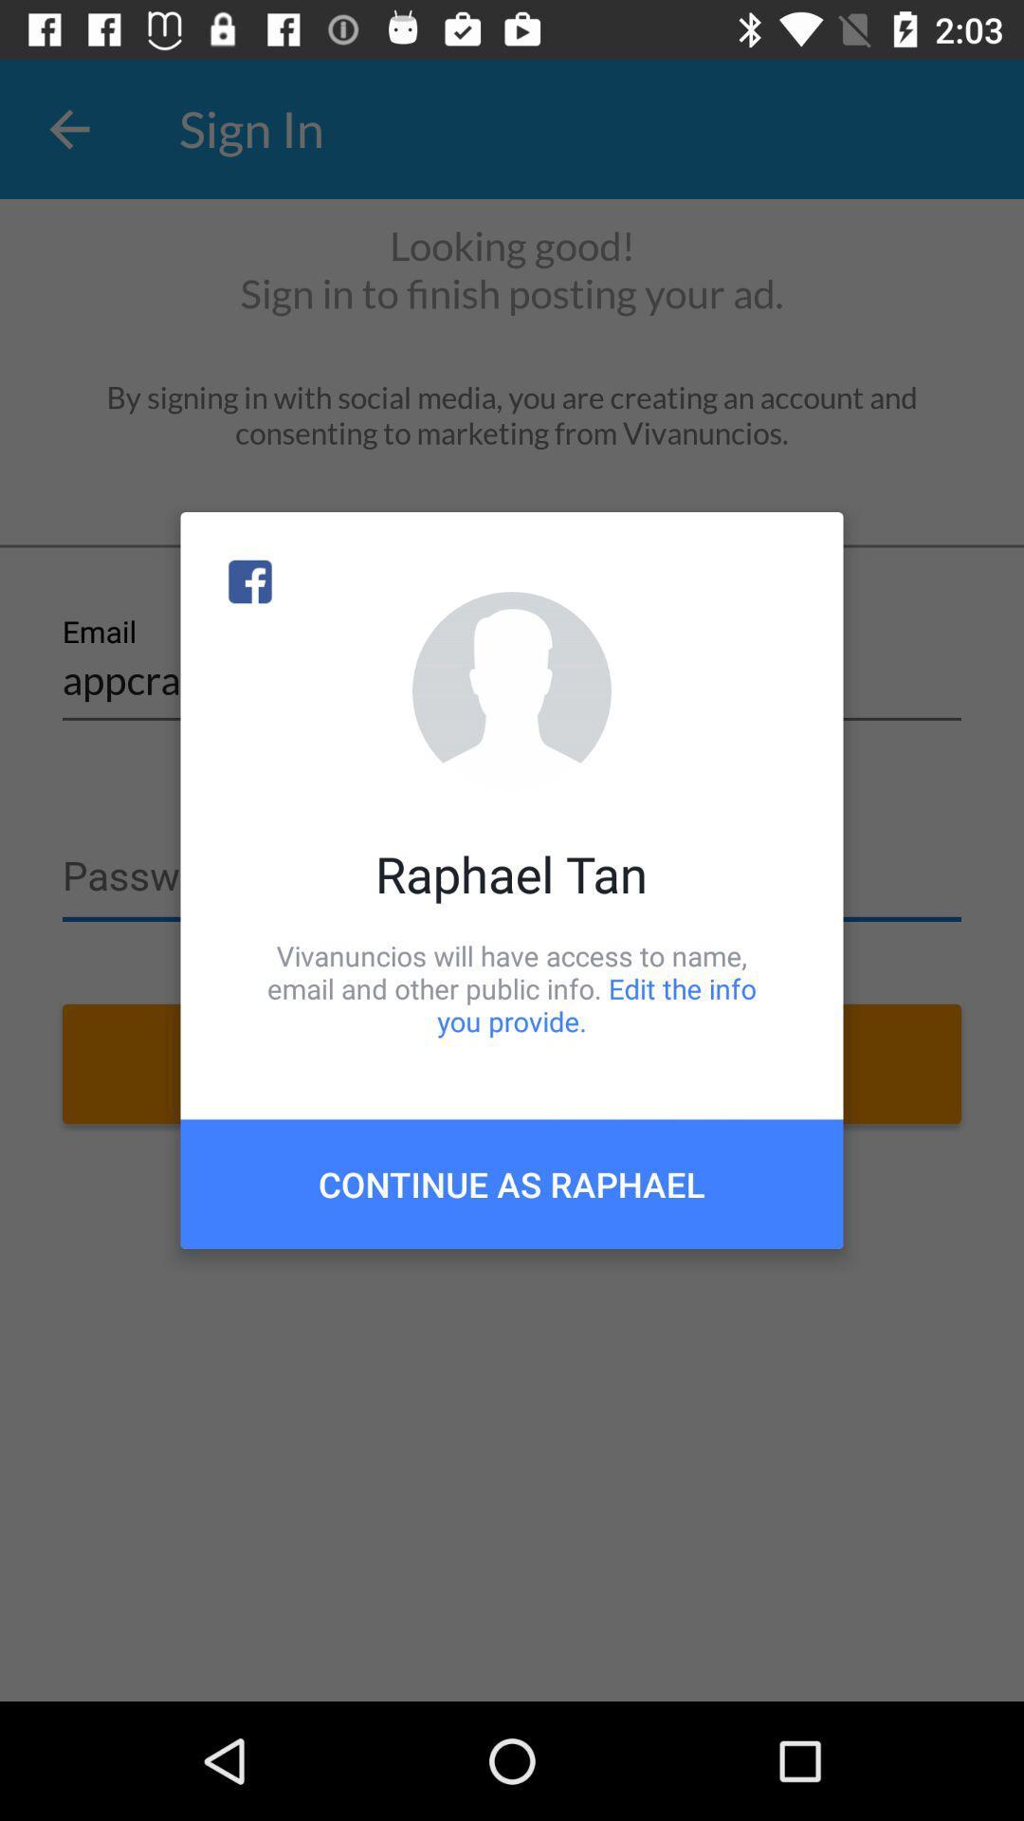  What do you see at coordinates (512, 1183) in the screenshot?
I see `item below vivanuncios will have` at bounding box center [512, 1183].